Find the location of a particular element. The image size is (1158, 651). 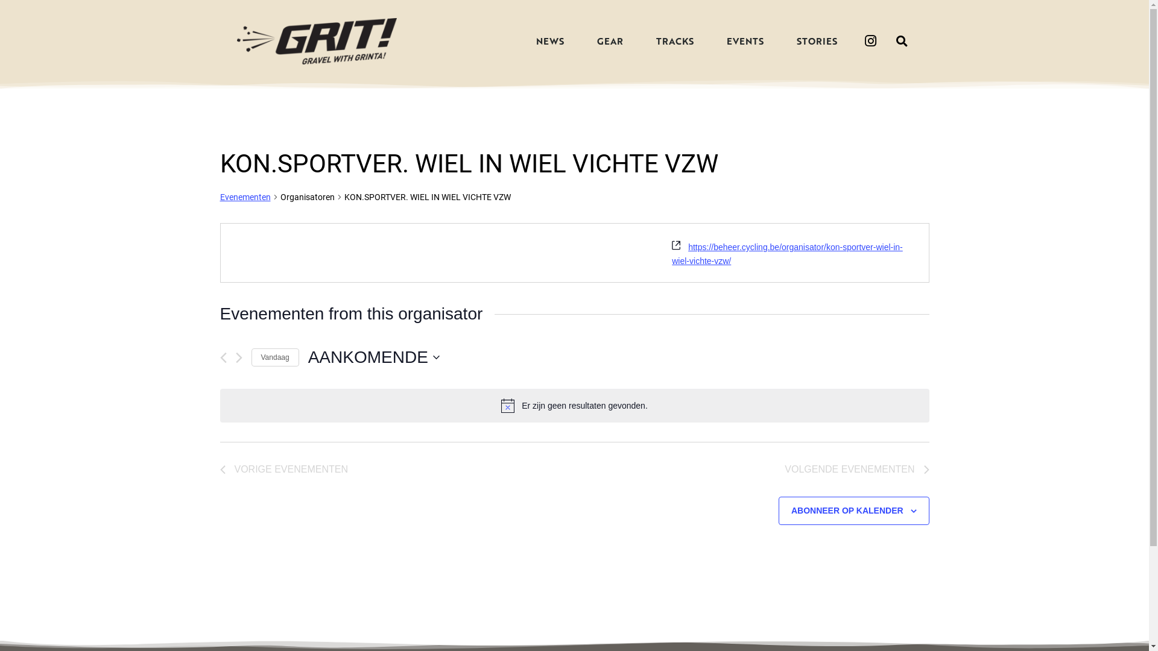

'AANKOMENDE' is located at coordinates (373, 357).